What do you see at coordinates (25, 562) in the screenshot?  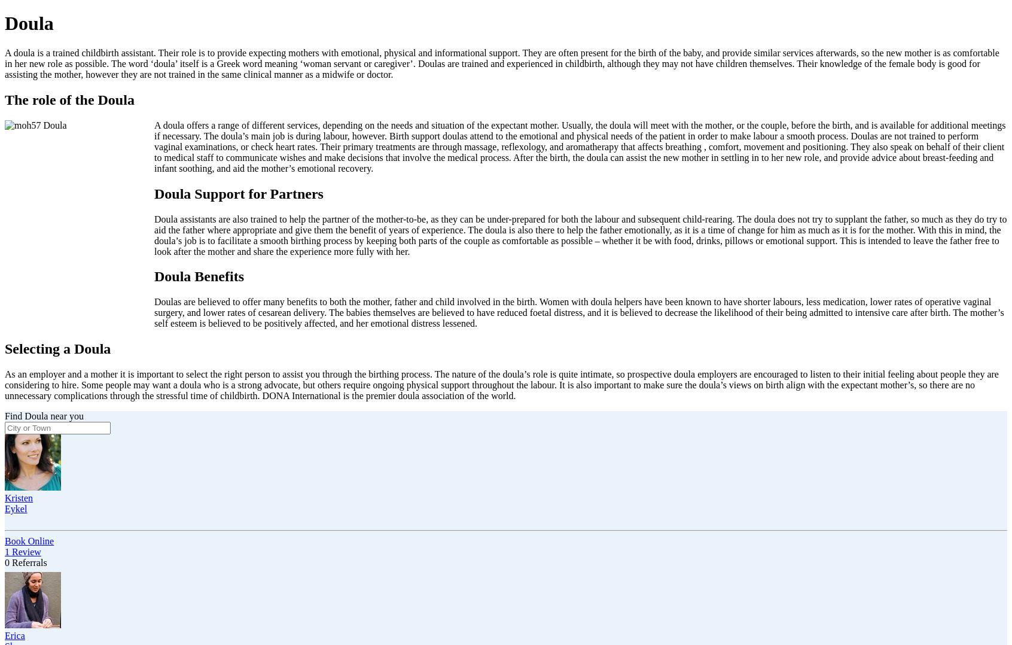 I see `'0 Referrals'` at bounding box center [25, 562].